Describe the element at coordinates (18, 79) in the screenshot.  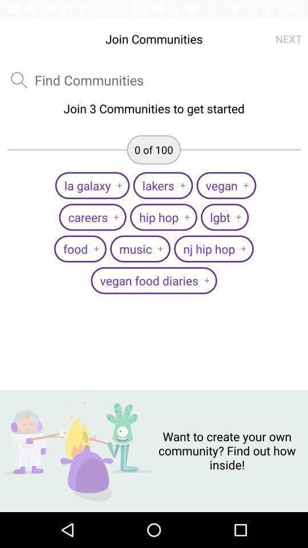
I see `item above the join 3 communities` at that location.